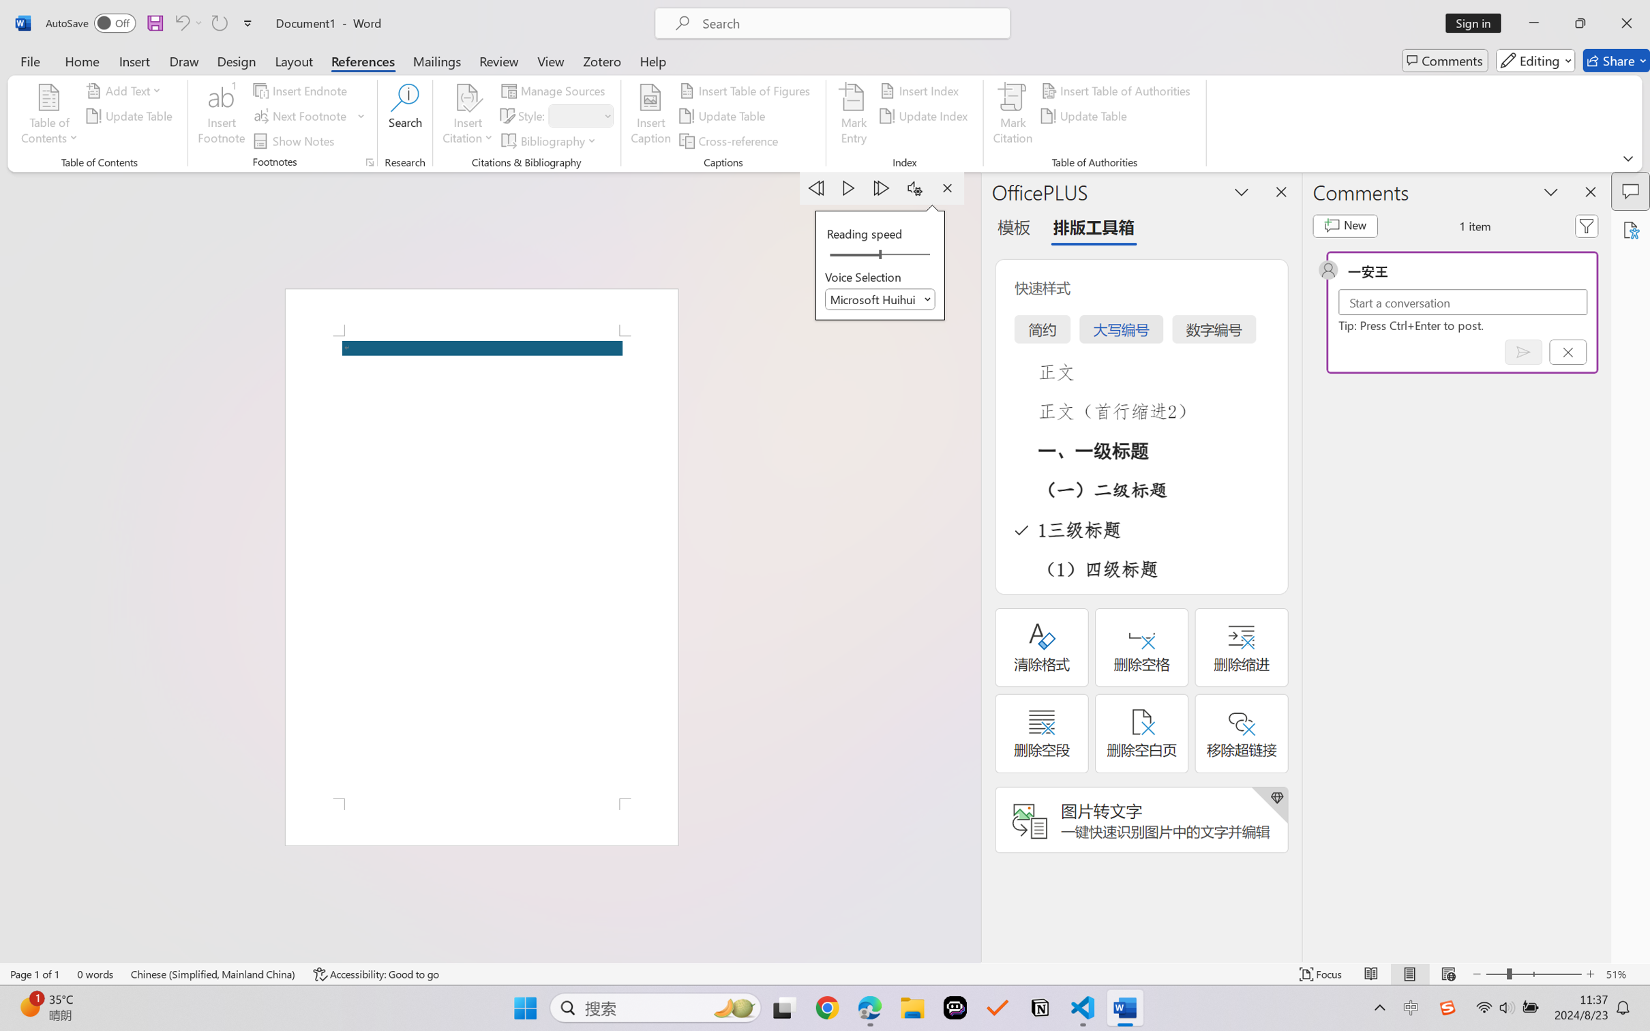 The height and width of the screenshot is (1031, 1650). Describe the element at coordinates (221, 116) in the screenshot. I see `'Insert Footnote'` at that location.